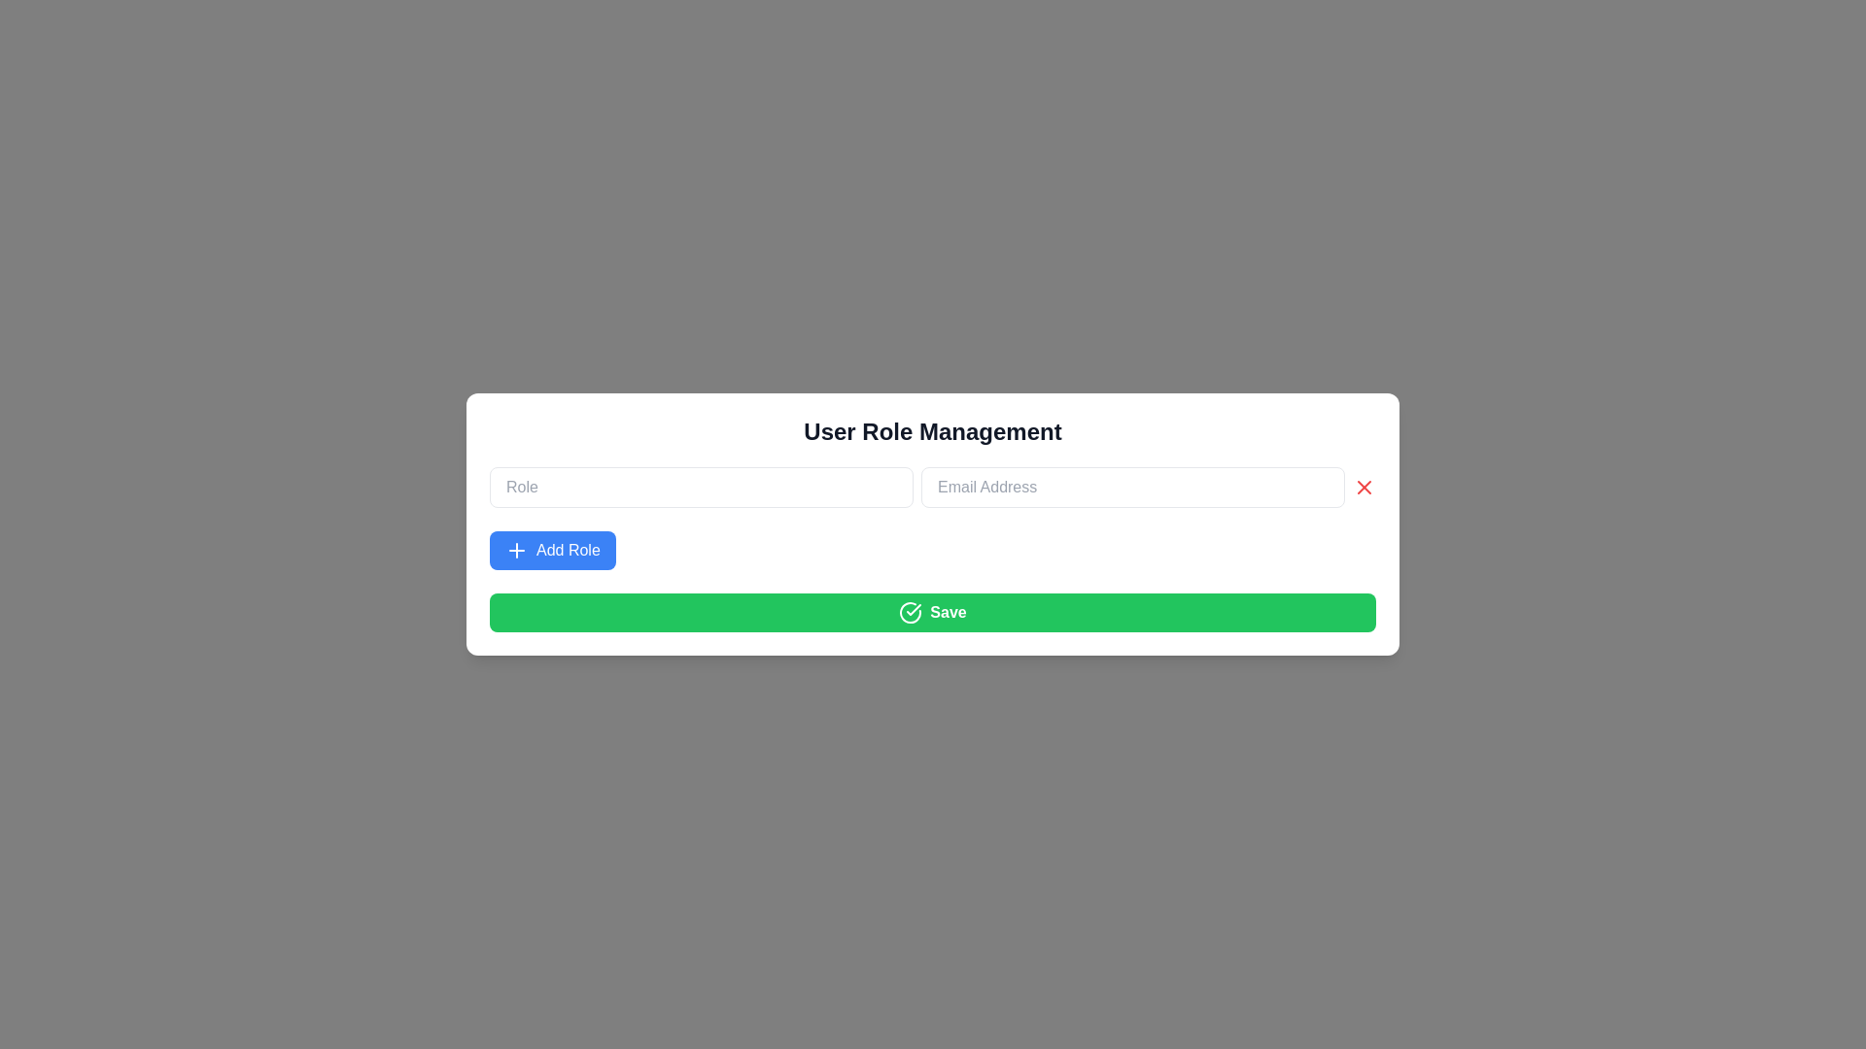  Describe the element at coordinates (1363, 486) in the screenshot. I see `the 'X' icon, which is a cancel or close symbol located at the far right end of the 'Email Address' input field, to clear the input` at that location.